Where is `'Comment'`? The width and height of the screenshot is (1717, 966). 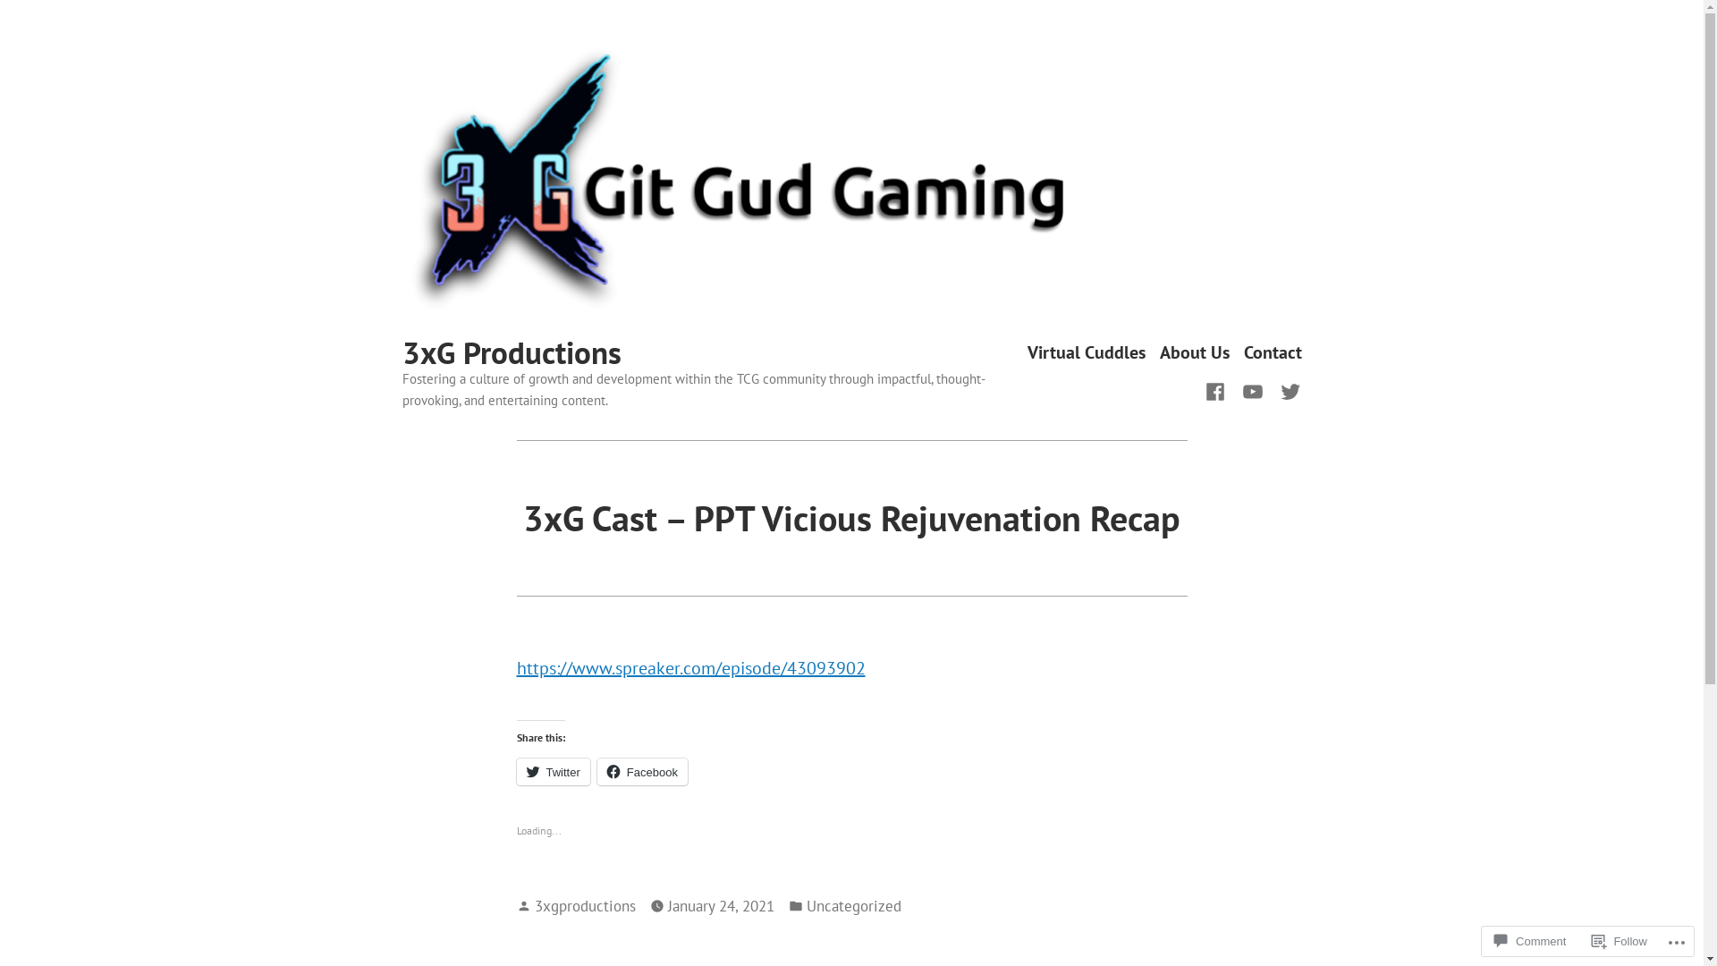 'Comment' is located at coordinates (1528, 940).